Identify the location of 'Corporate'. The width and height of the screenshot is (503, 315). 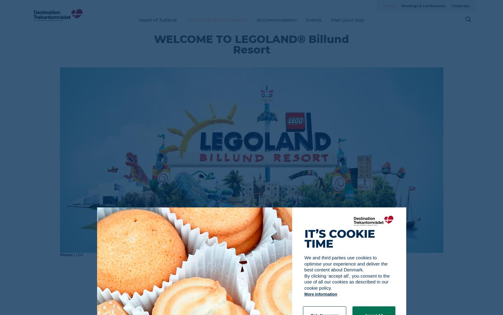
(460, 5).